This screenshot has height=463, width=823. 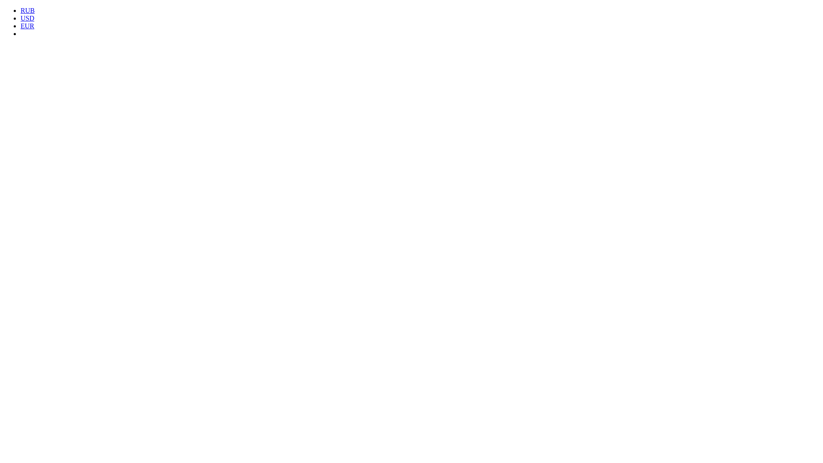 What do you see at coordinates (27, 10) in the screenshot?
I see `'RUB'` at bounding box center [27, 10].